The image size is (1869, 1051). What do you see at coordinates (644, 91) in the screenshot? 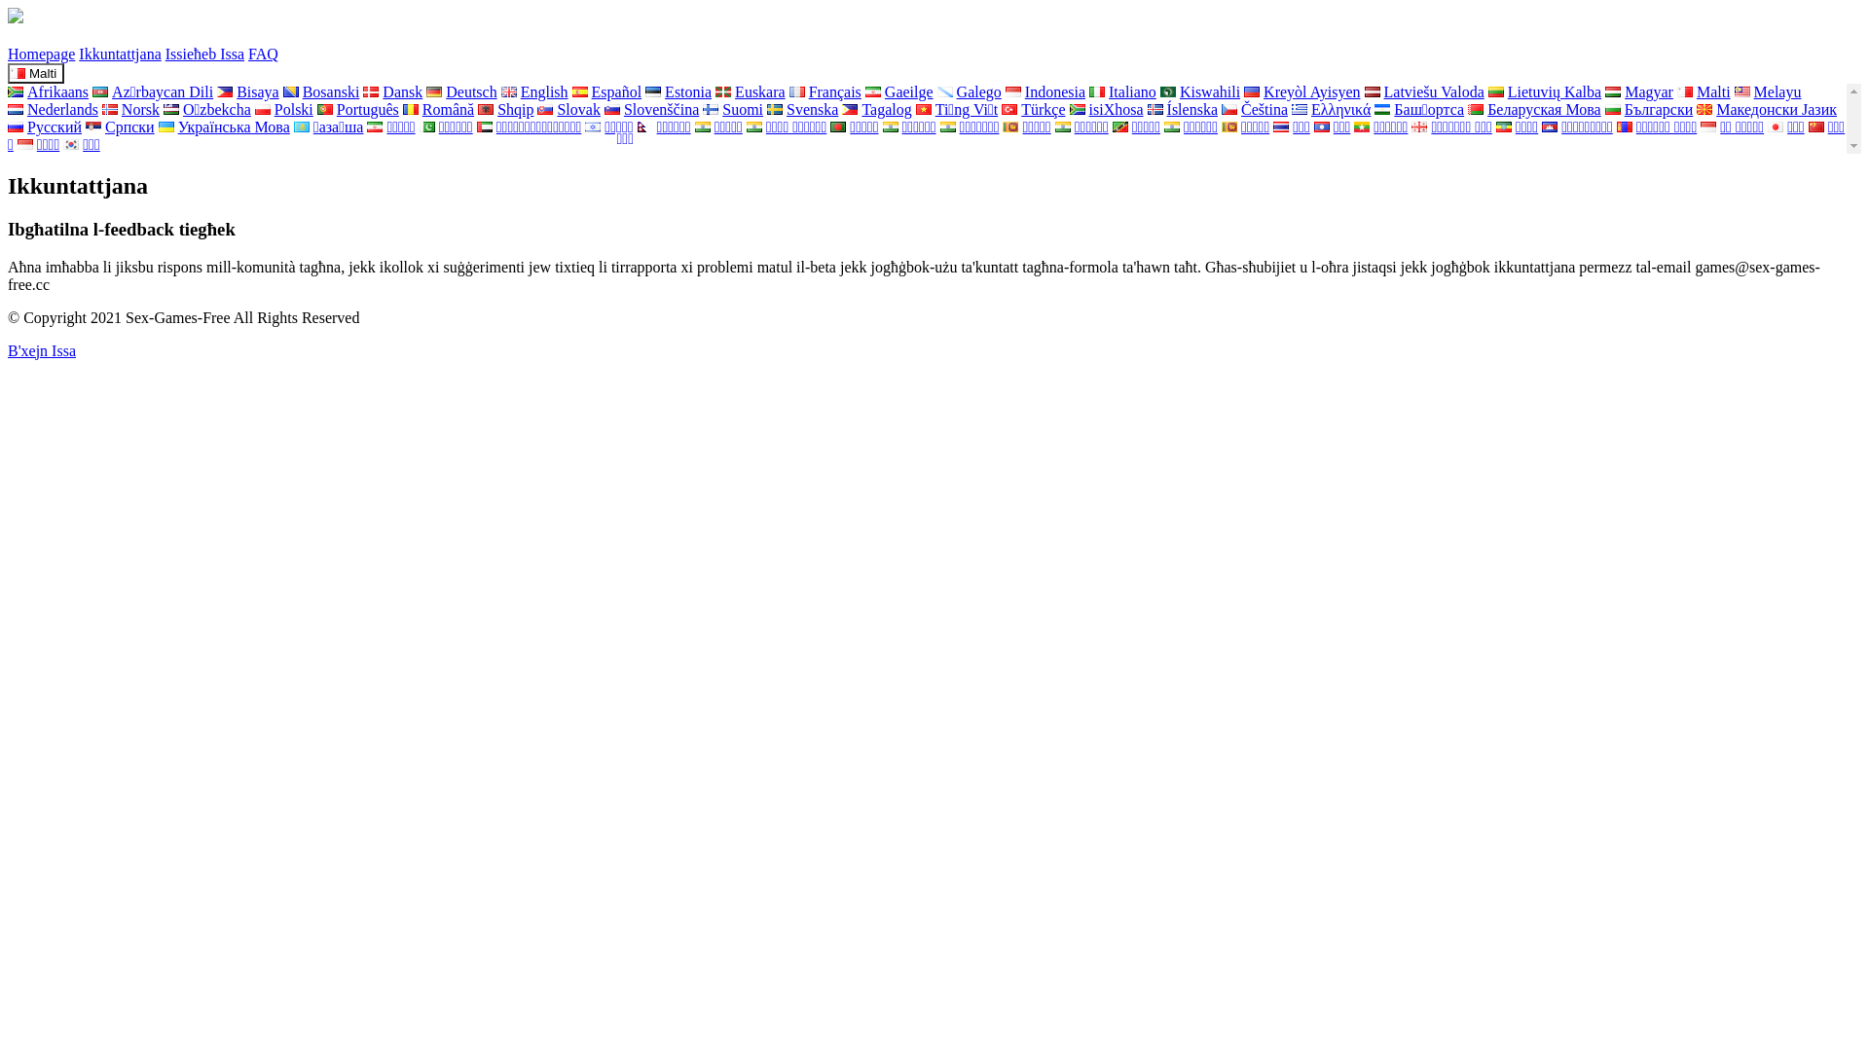
I see `'Estonia'` at bounding box center [644, 91].